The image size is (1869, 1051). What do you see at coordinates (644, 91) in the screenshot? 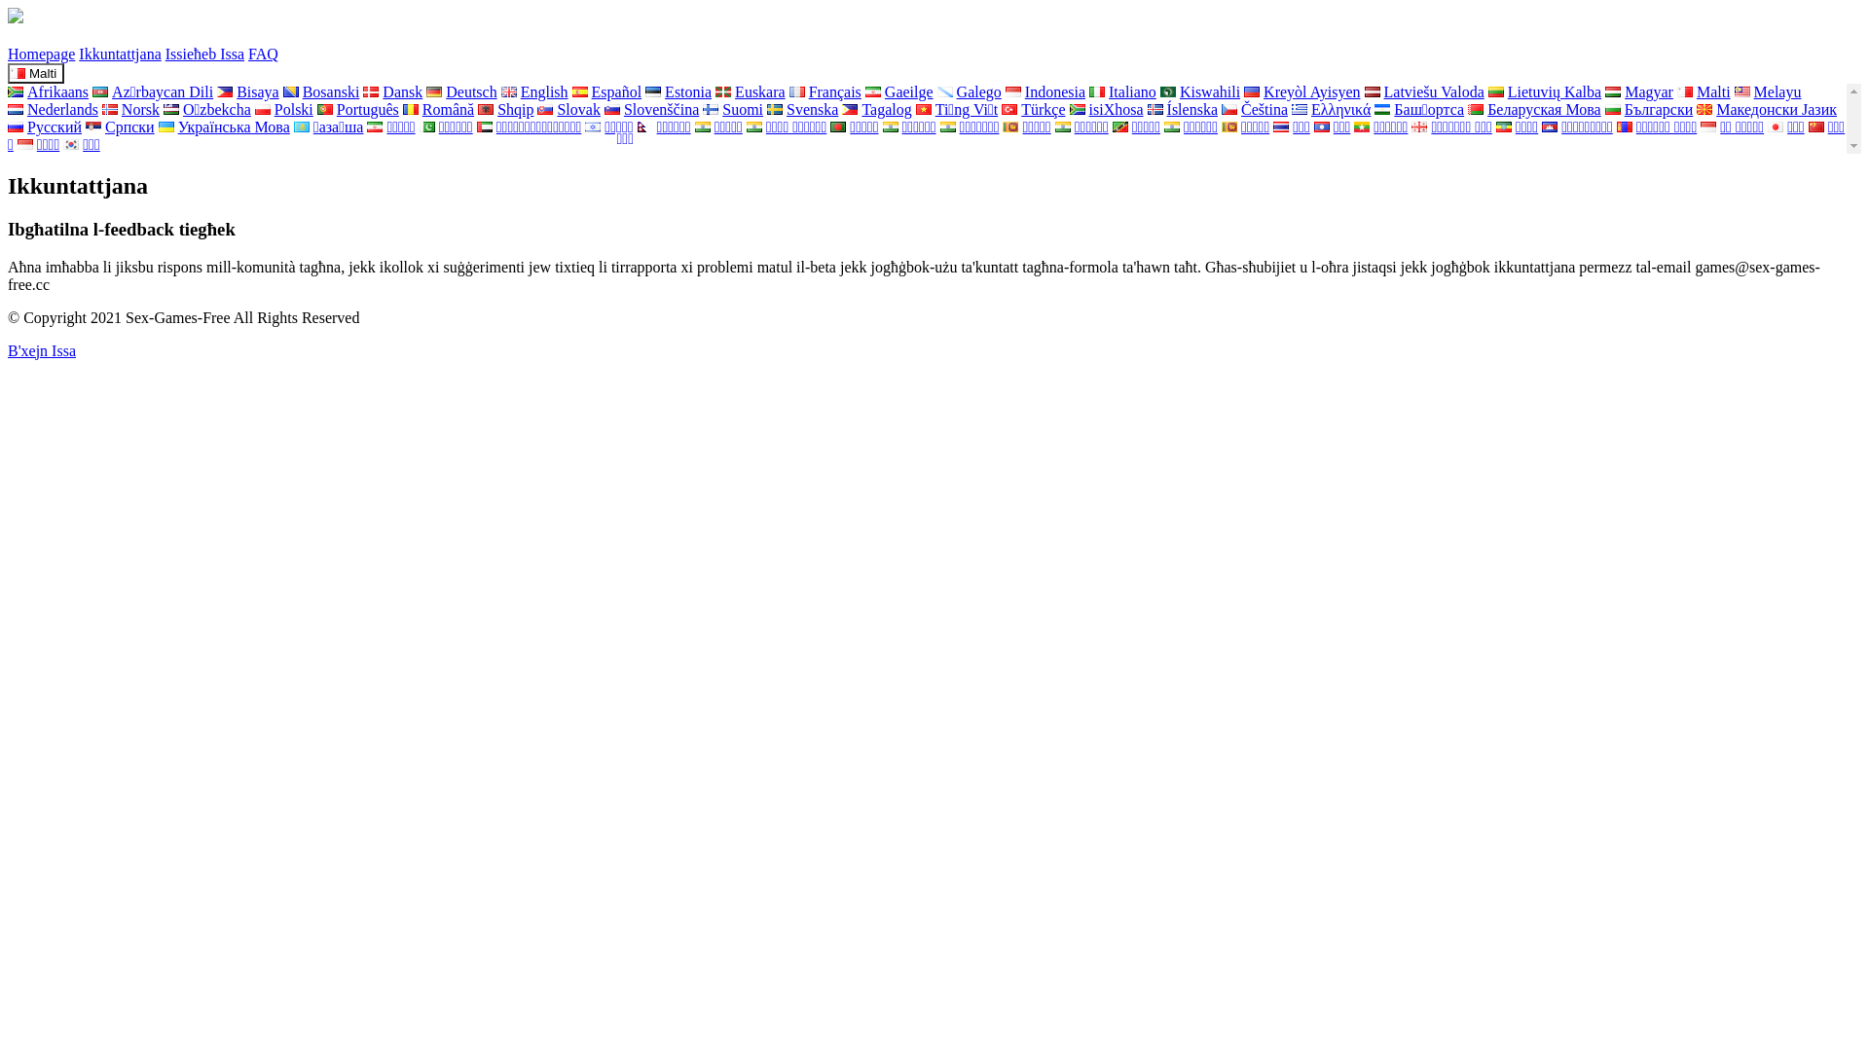
I see `'Estonia'` at bounding box center [644, 91].